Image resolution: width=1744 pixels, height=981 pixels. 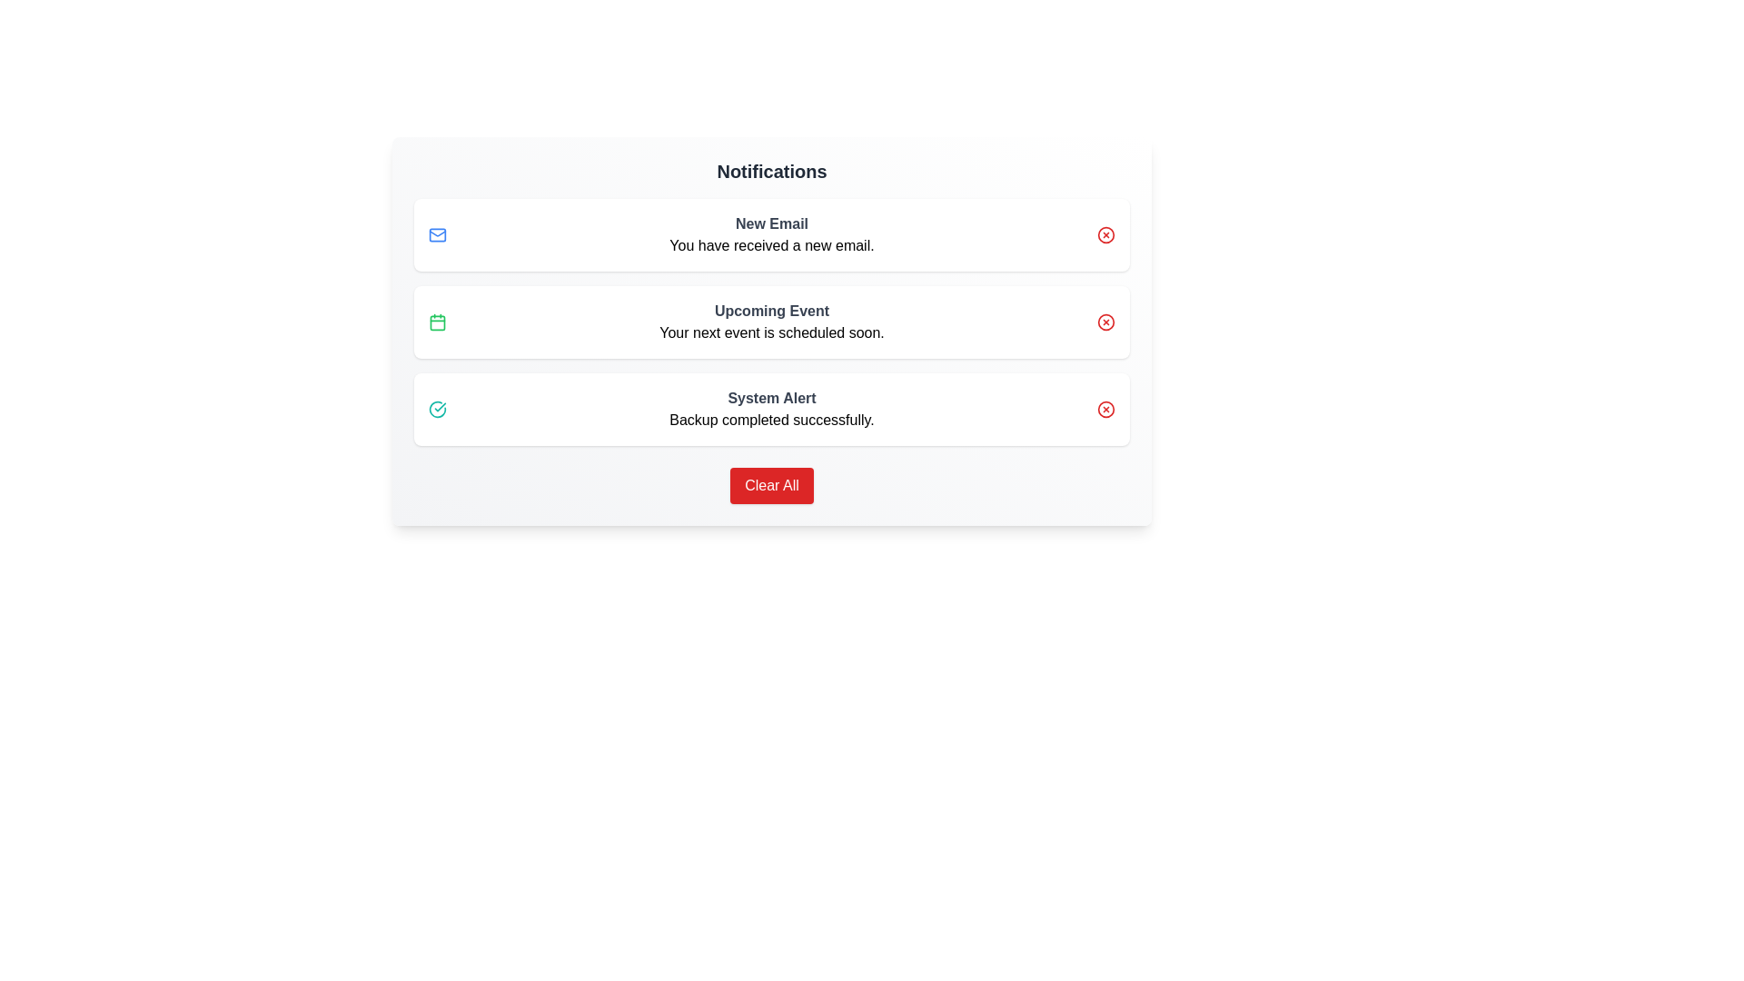 What do you see at coordinates (771, 398) in the screenshot?
I see `text from the title label of the third notification item, which is positioned above the descriptive text 'Backup completed successfully.'` at bounding box center [771, 398].